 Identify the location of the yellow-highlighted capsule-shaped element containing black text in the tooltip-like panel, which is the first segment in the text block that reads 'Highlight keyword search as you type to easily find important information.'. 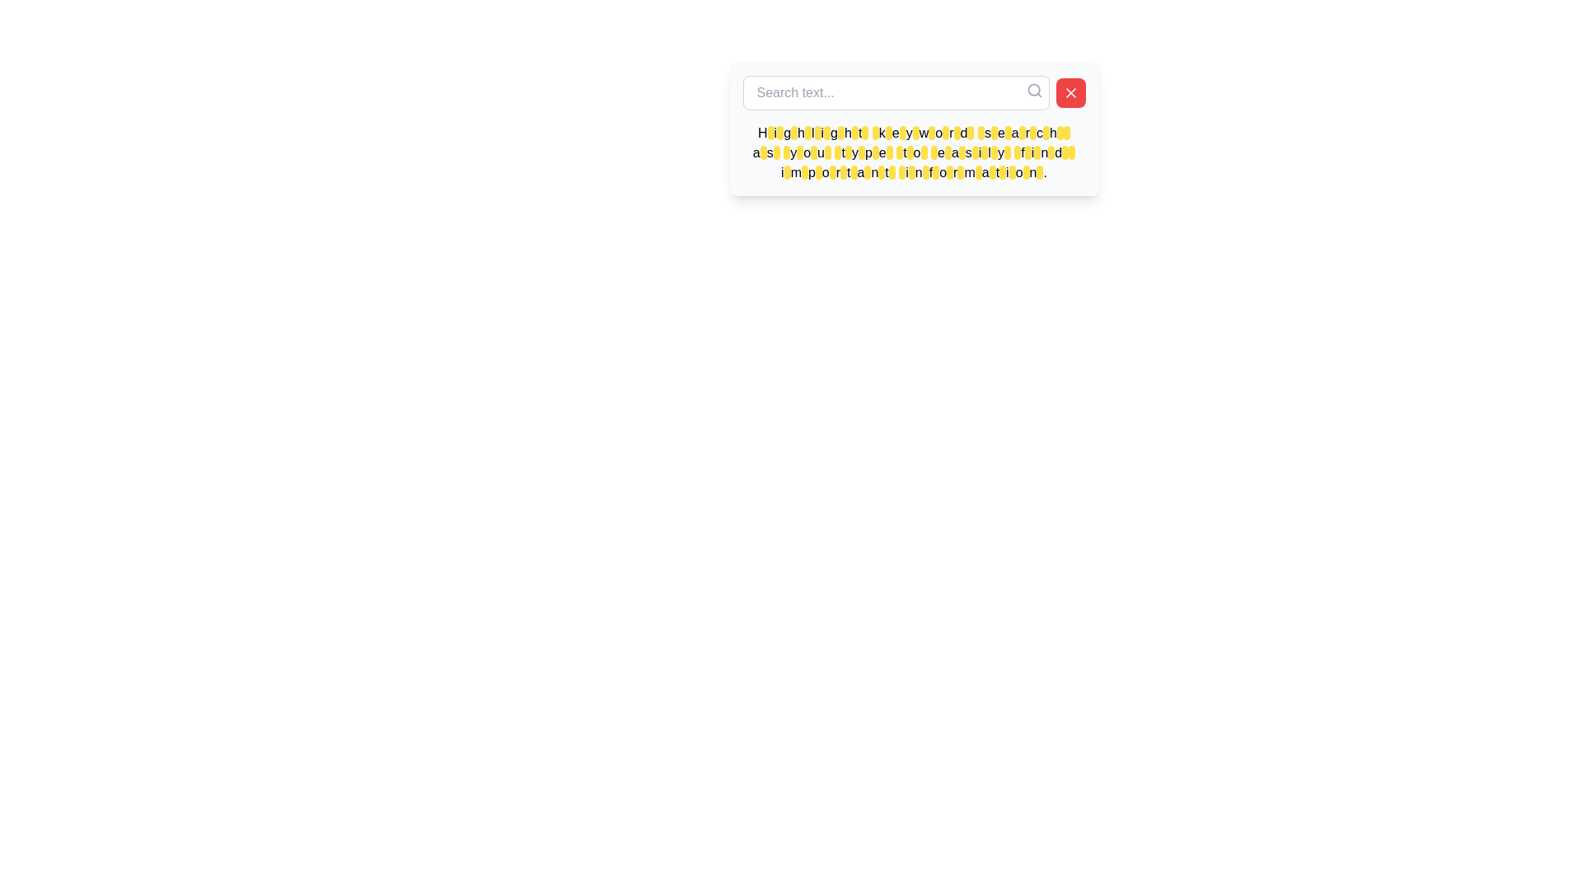
(770, 132).